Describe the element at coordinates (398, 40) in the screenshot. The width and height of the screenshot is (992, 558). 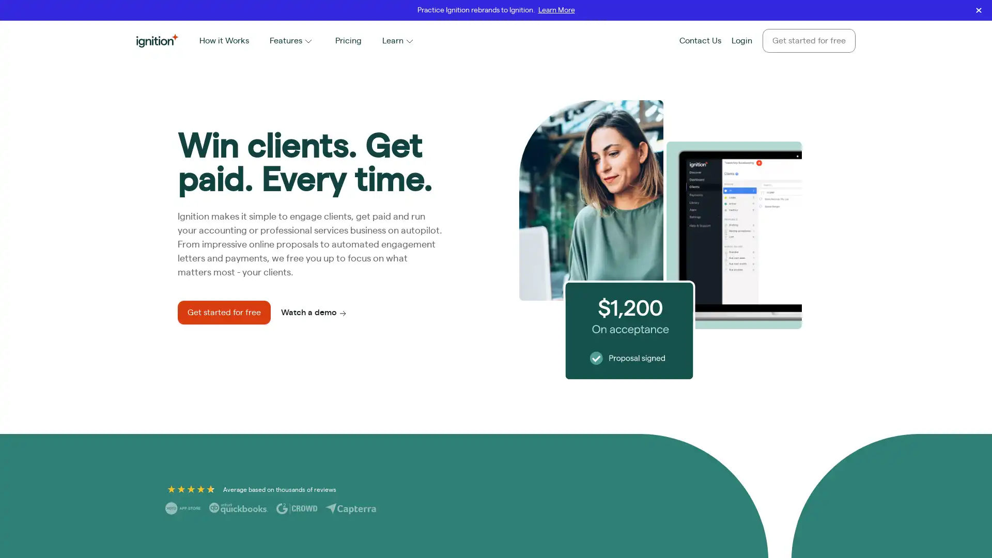
I see `Learn` at that location.